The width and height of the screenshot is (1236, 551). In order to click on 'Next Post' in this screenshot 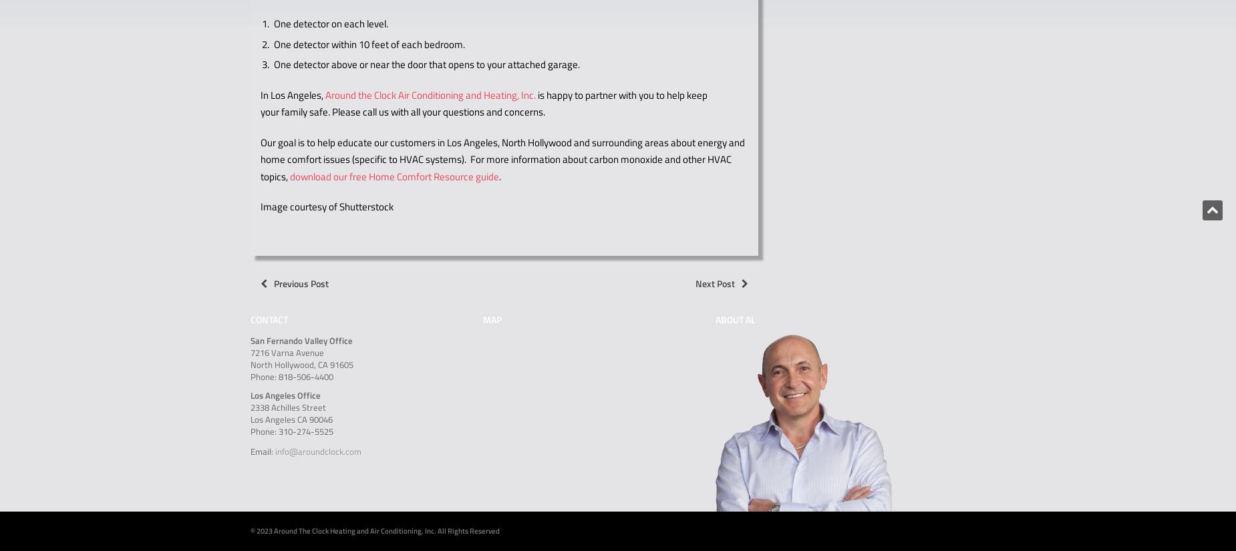, I will do `click(714, 283)`.